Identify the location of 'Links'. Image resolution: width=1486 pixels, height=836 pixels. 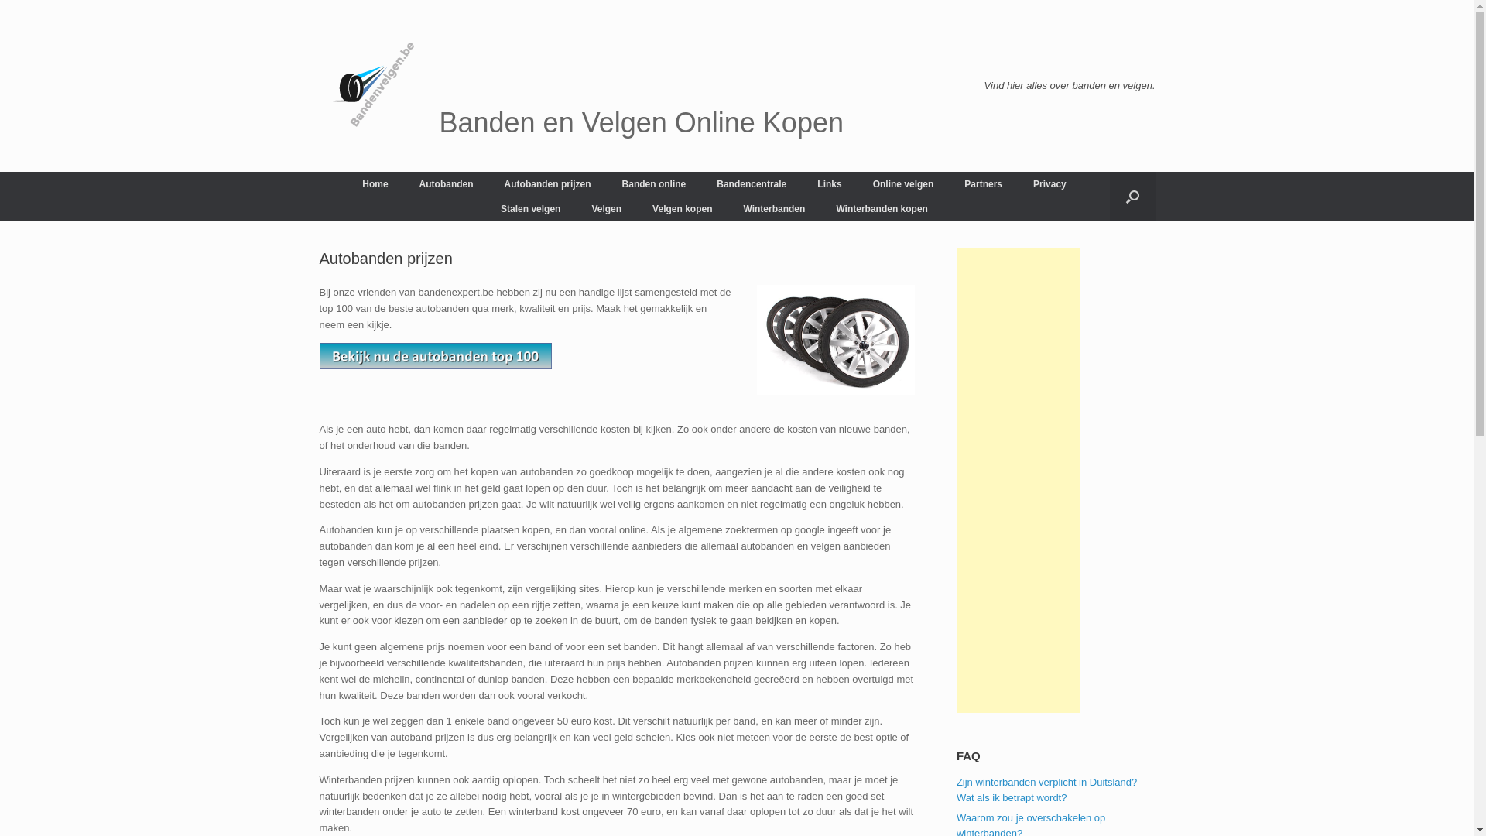
(802, 183).